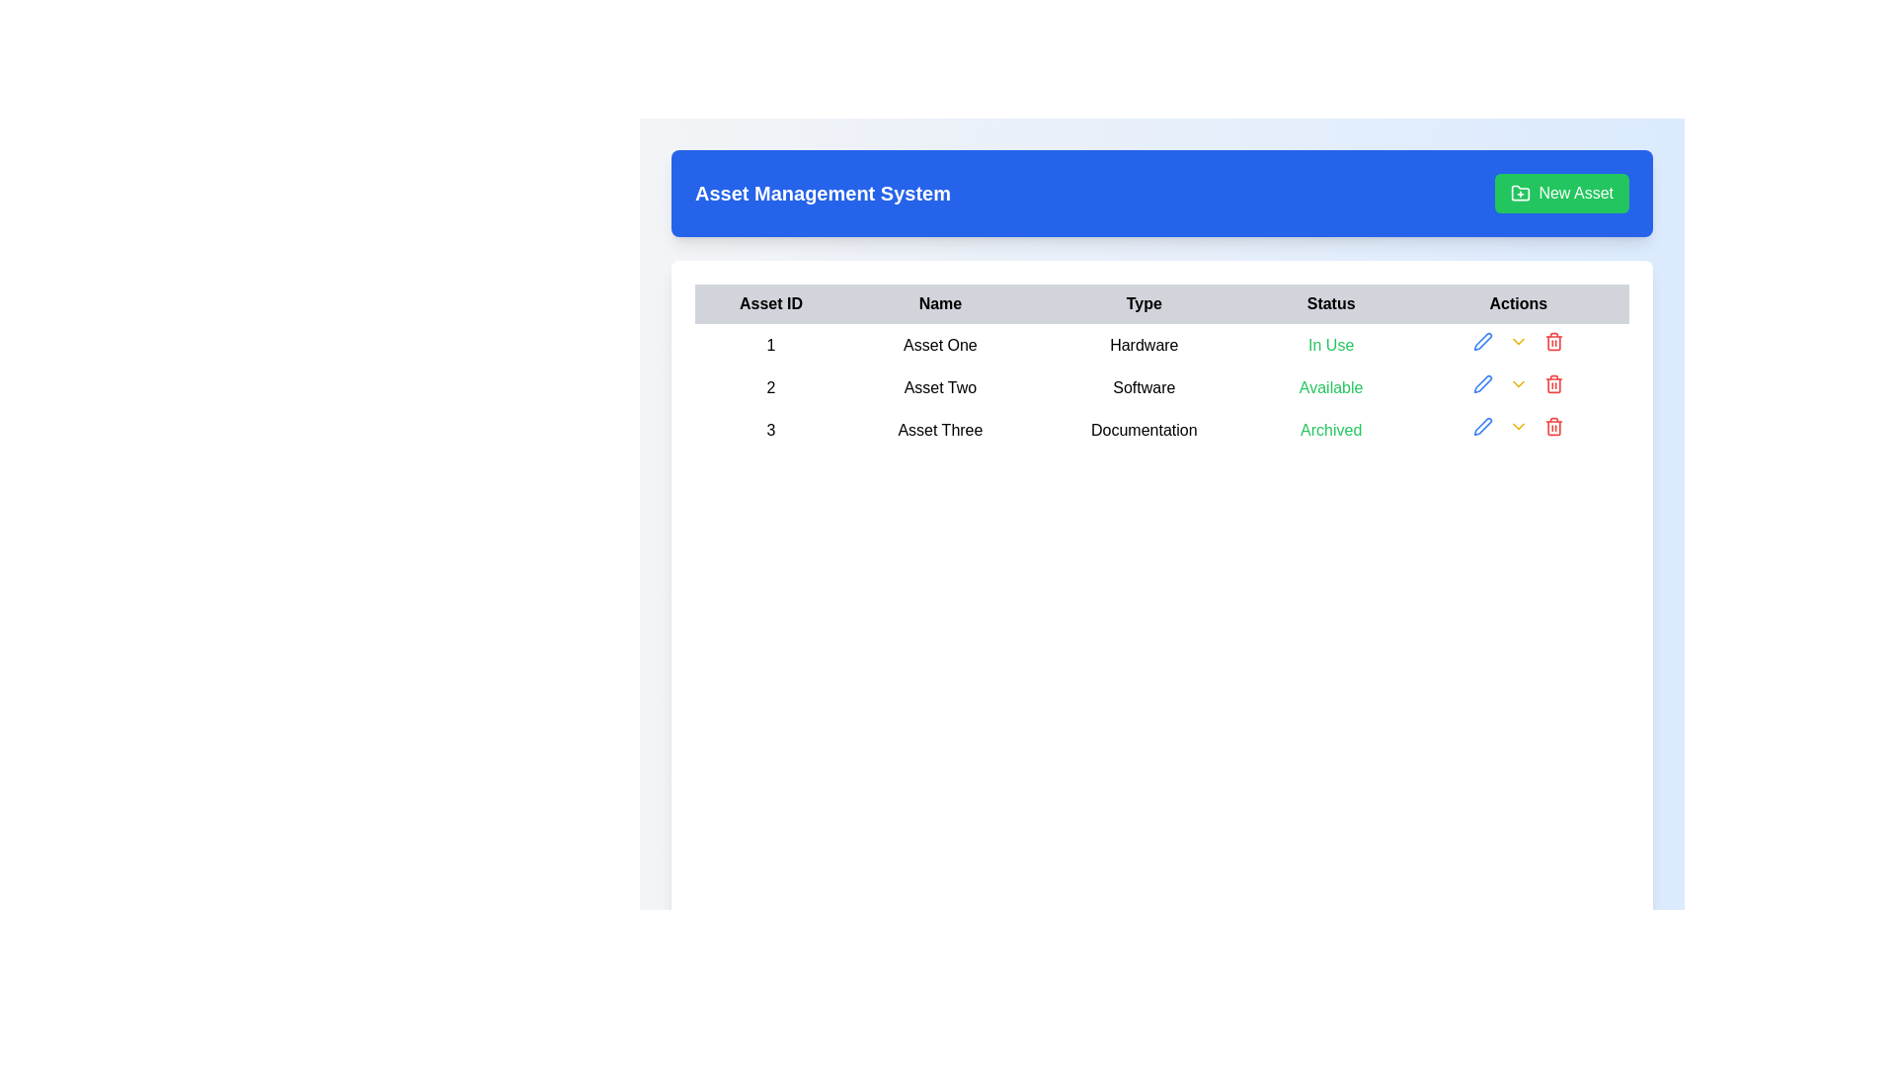  What do you see at coordinates (769, 344) in the screenshot?
I see `the cell containing the numeric value '1' in bold, located in the first row of the 'Asset ID' column of the table` at bounding box center [769, 344].